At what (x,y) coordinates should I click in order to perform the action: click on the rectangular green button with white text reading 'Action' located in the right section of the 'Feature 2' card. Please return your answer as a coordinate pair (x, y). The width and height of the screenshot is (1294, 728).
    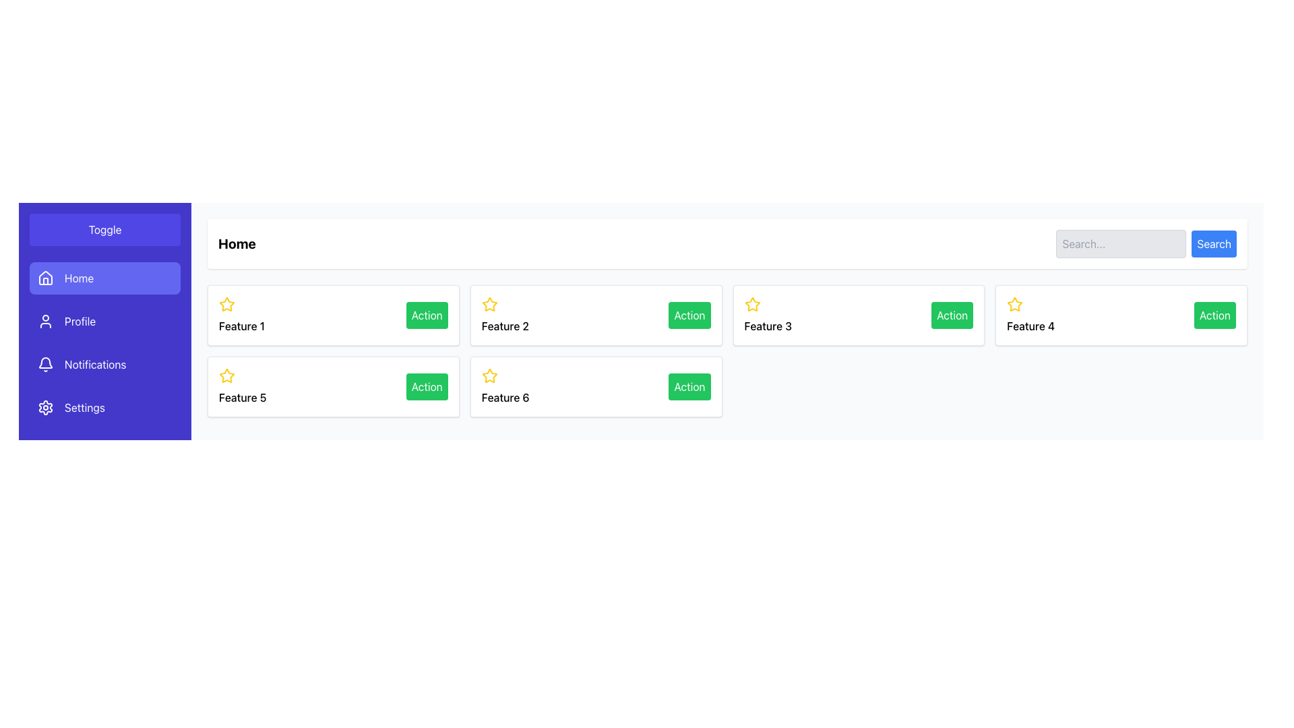
    Looking at the image, I should click on (689, 315).